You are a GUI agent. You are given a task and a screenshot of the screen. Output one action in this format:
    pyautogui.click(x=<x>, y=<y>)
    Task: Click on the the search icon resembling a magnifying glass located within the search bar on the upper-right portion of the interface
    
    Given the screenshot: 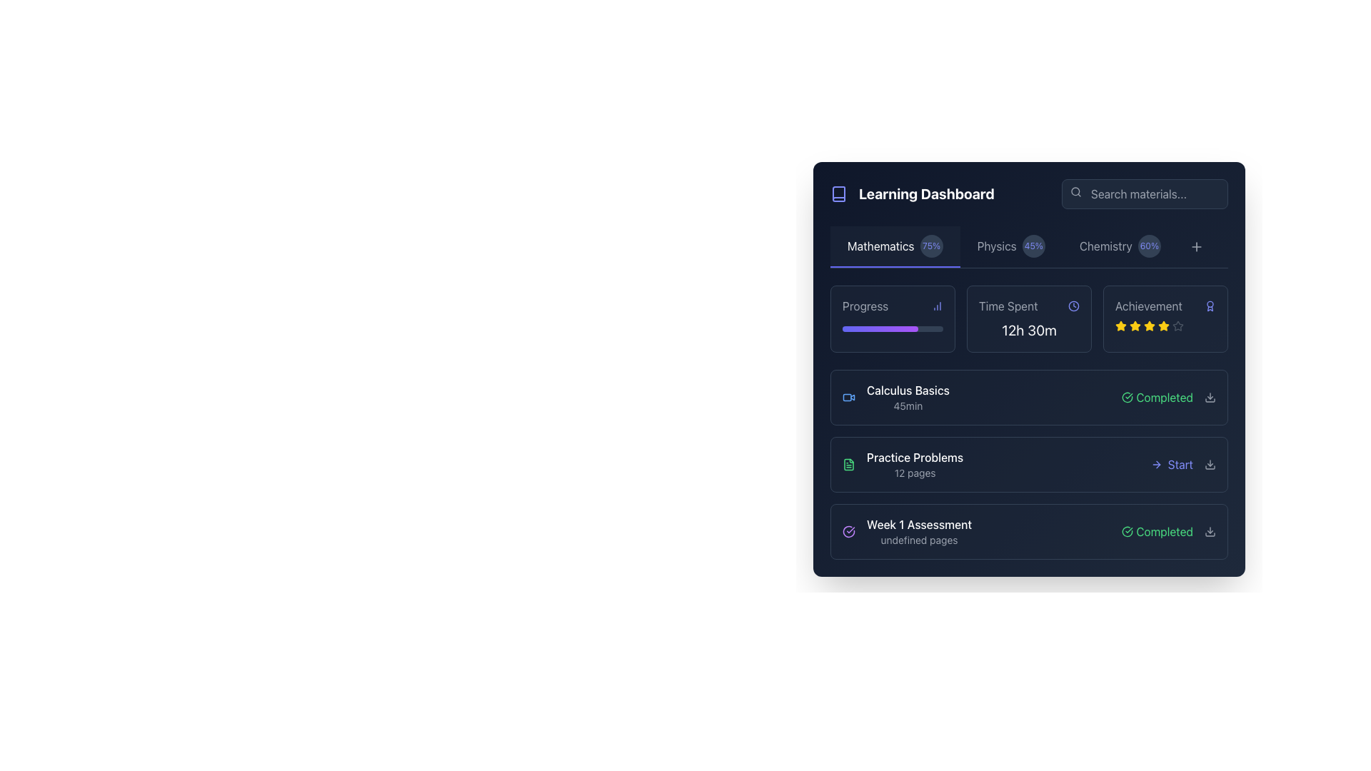 What is the action you would take?
    pyautogui.click(x=1076, y=191)
    